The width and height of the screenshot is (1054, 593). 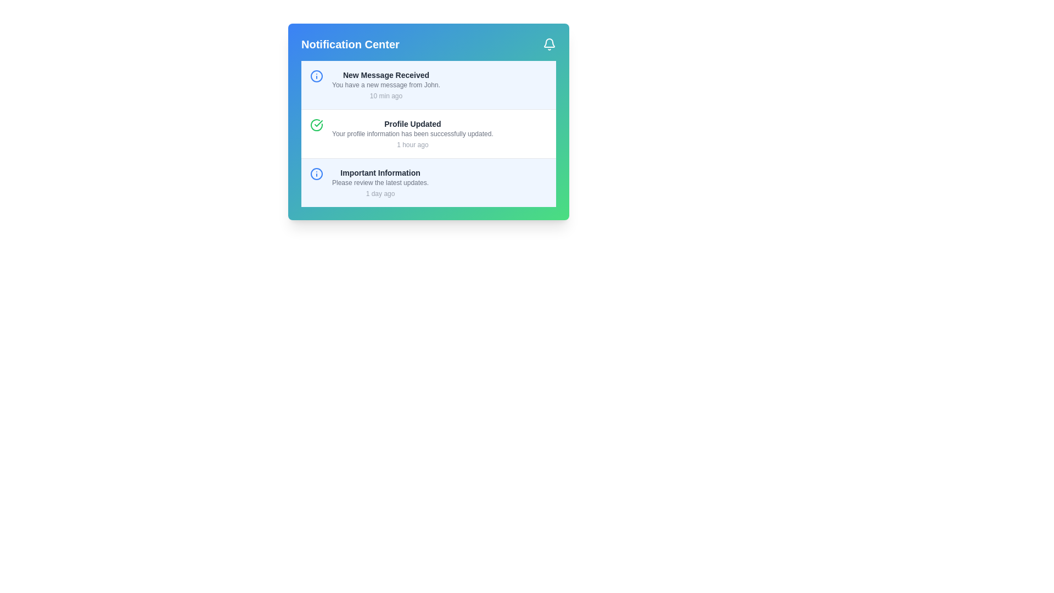 I want to click on the notification icon button located at the top-right corner of the 'Notification Center' card, so click(x=550, y=44).